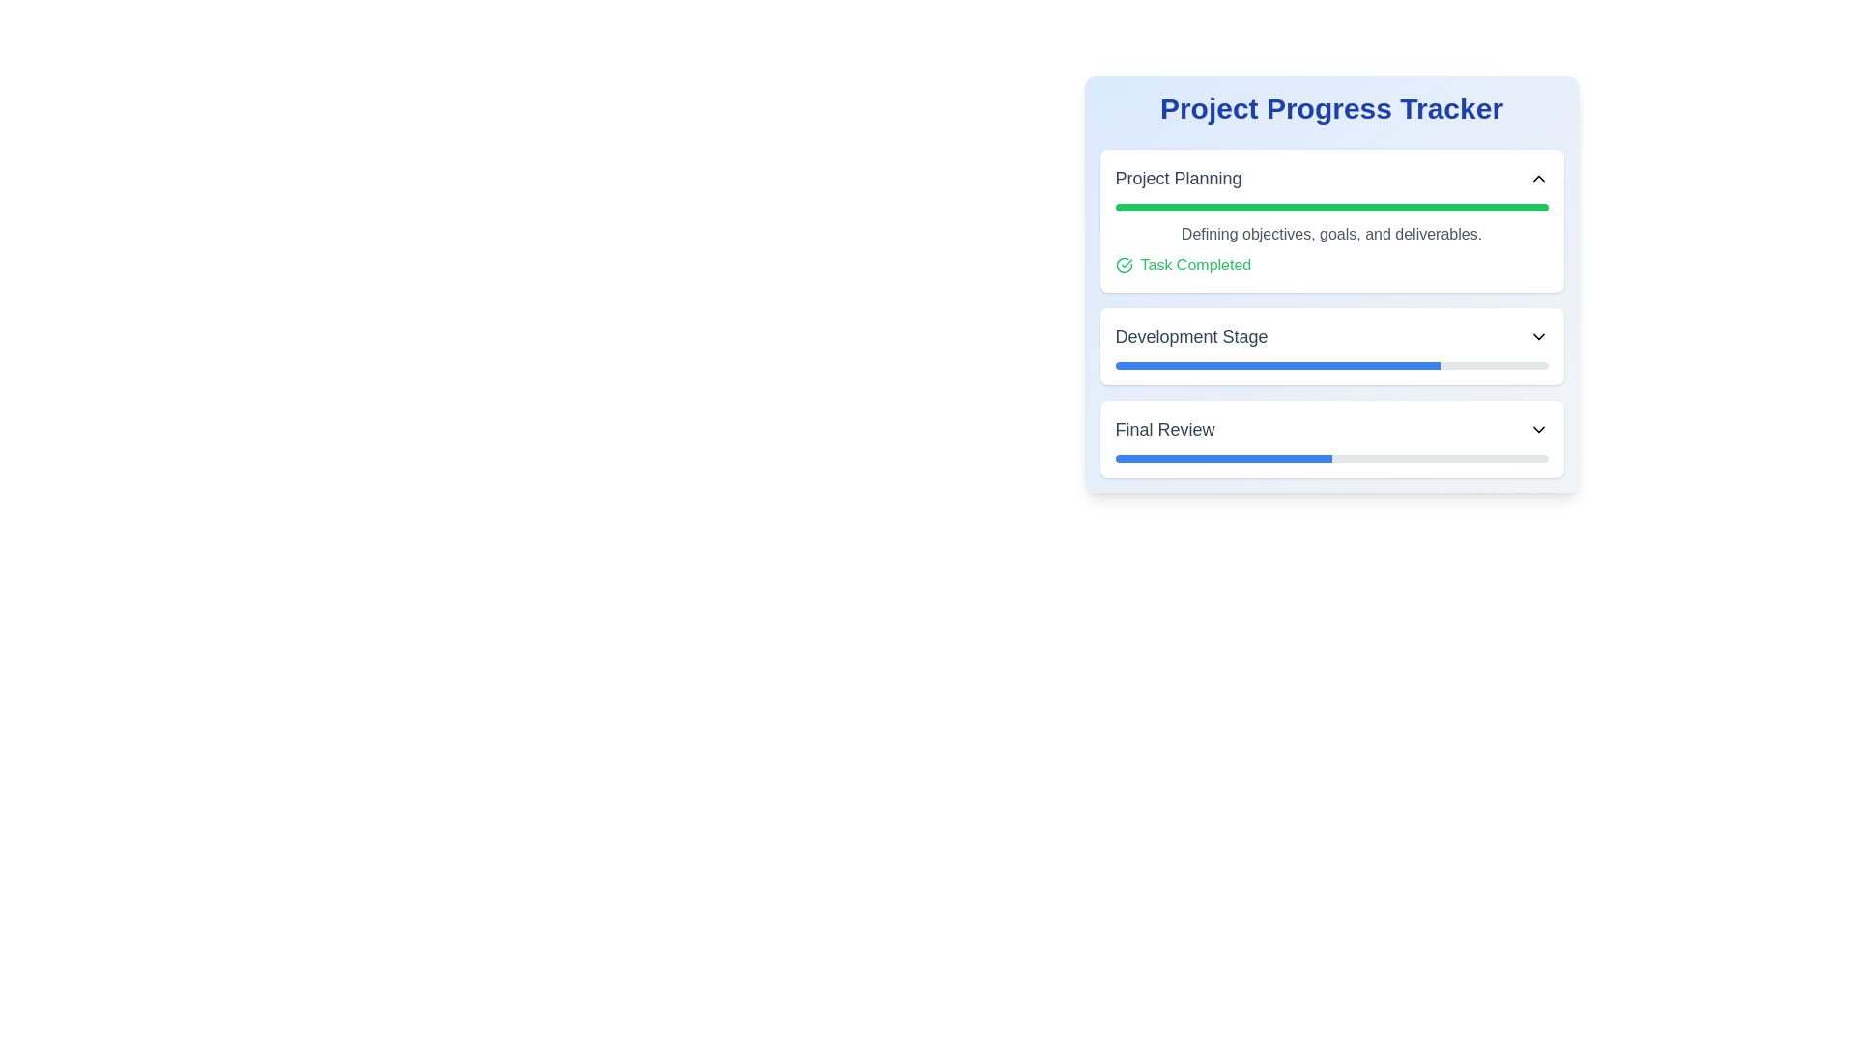 This screenshot has width=1855, height=1043. I want to click on the dropdown toggle icon, which is a downward-pointing chevron with a thin black outline located at the far-right of the 'Development Stage' row, to trigger tooltip or highlighting effects, so click(1537, 335).